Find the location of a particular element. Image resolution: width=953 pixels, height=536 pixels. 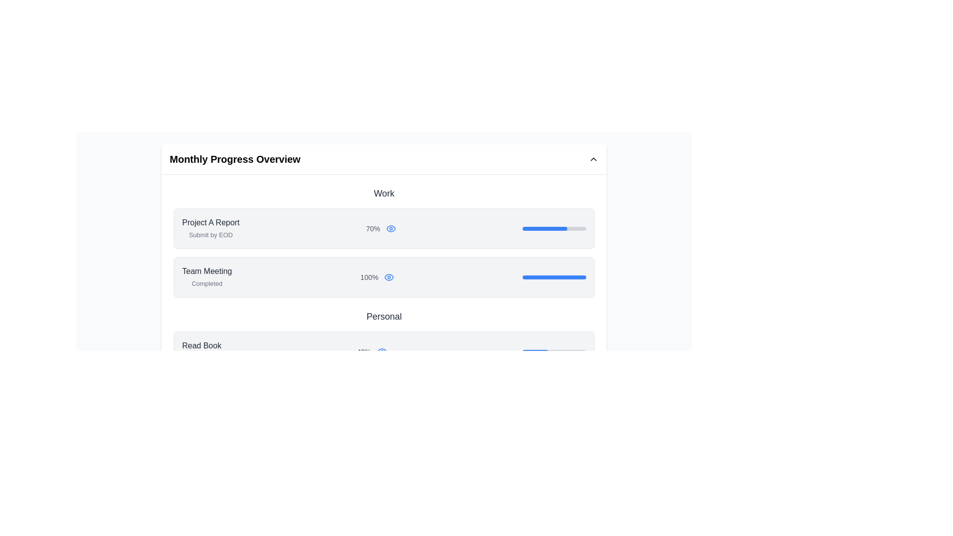

the eye-shaped icon outlined in blue, which is located to the right of the '100%' text within the 'Team Meeting' row under the 'Work' section is located at coordinates (389, 277).